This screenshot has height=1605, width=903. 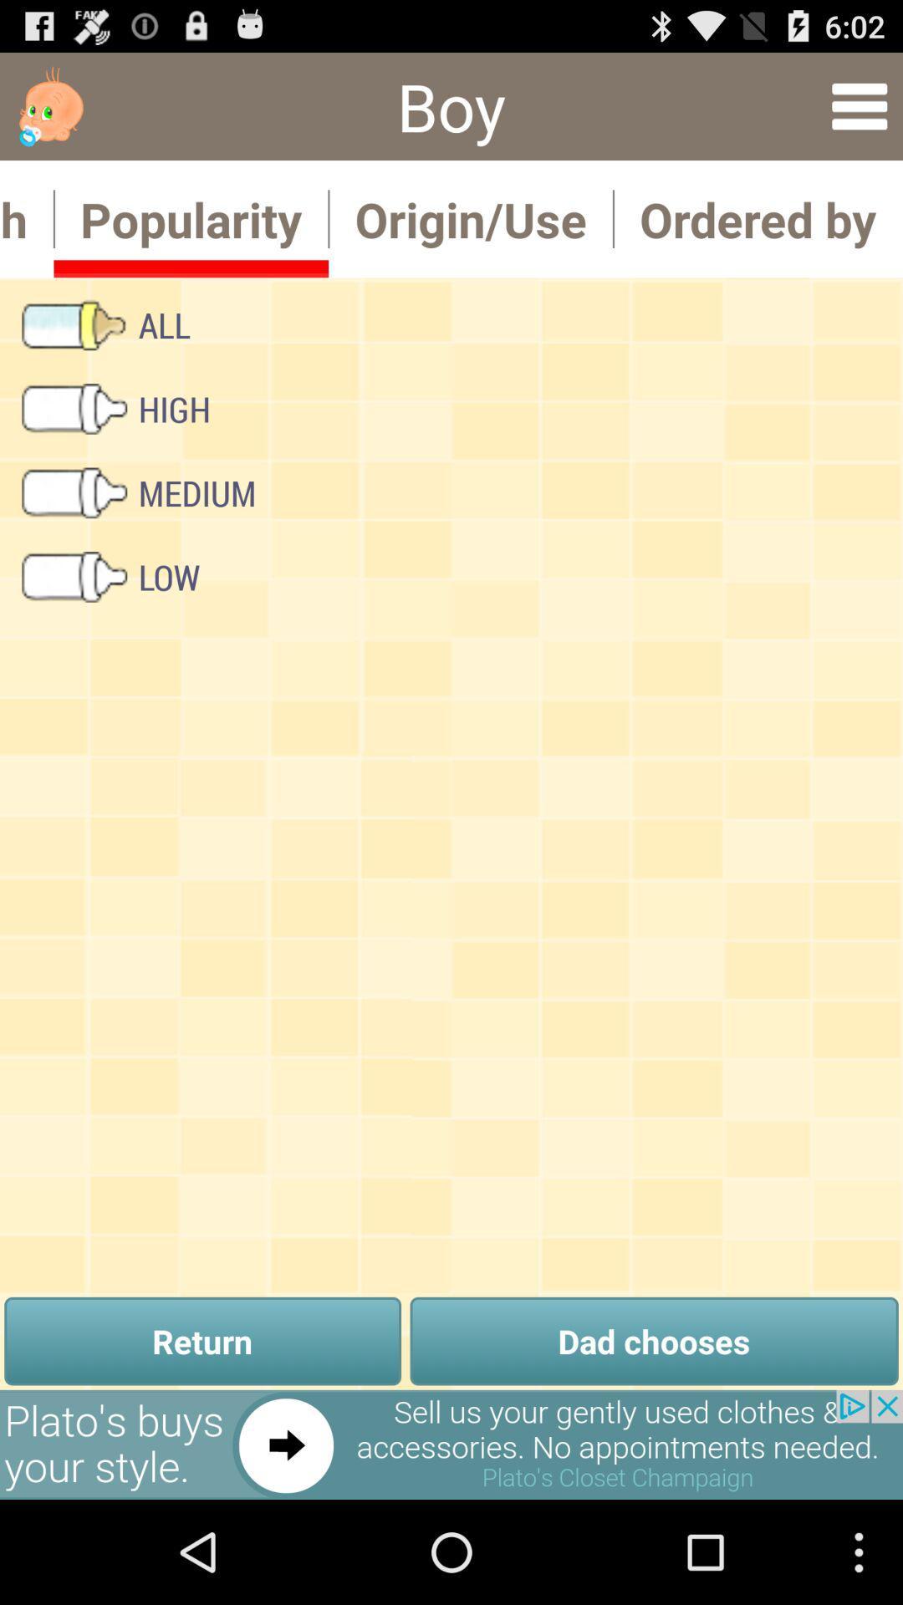 What do you see at coordinates (860, 113) in the screenshot?
I see `the menu icon` at bounding box center [860, 113].